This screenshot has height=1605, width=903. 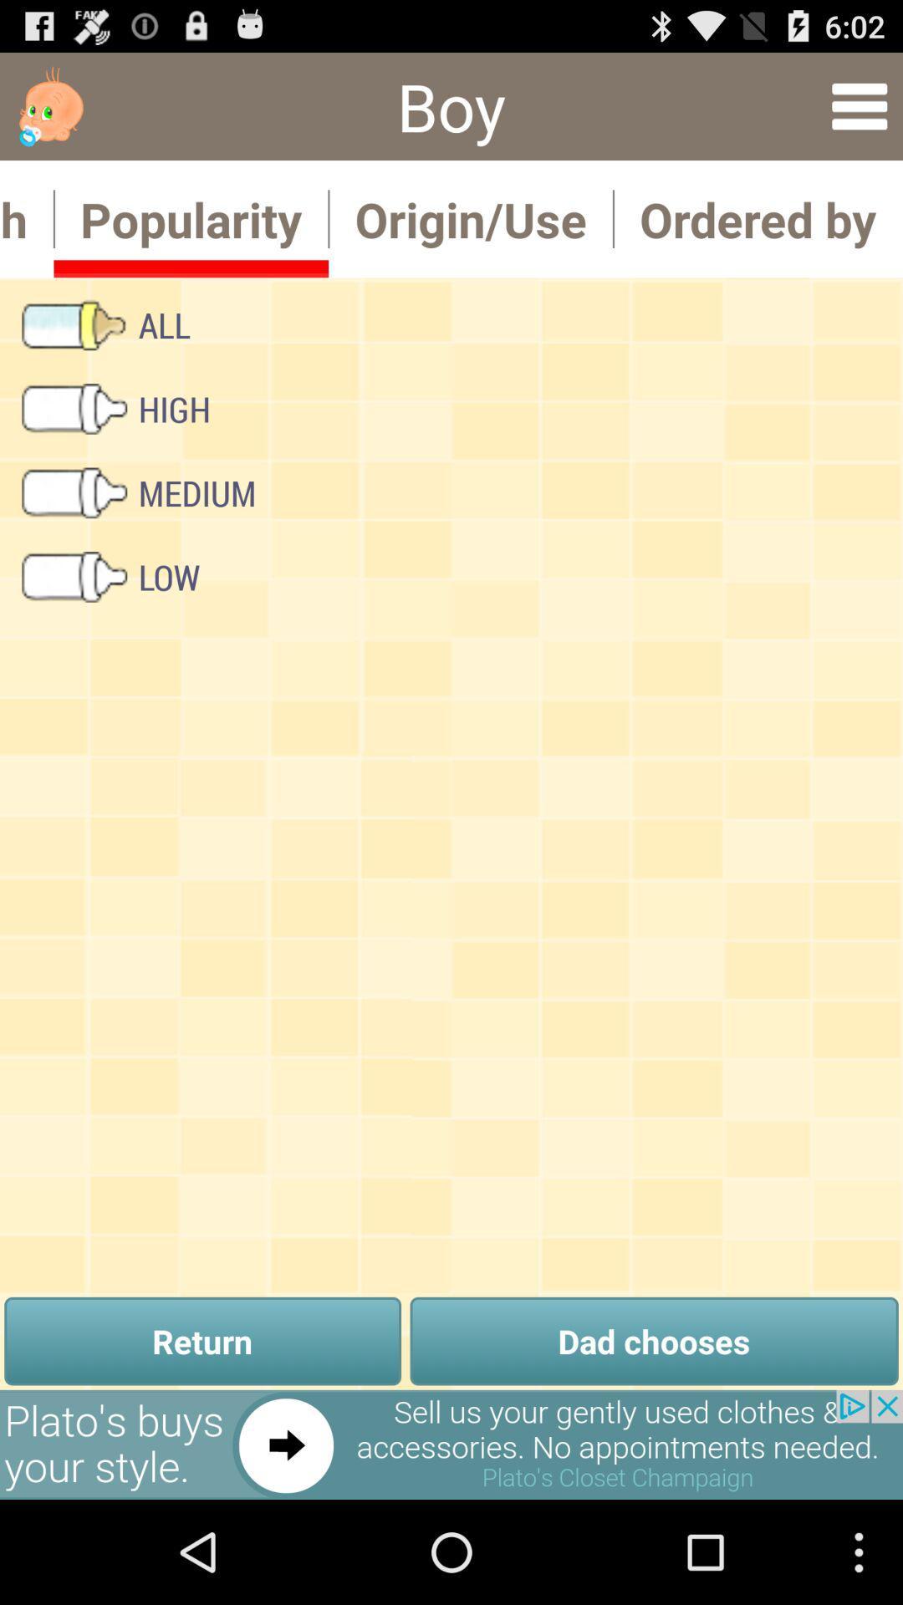 What do you see at coordinates (860, 113) in the screenshot?
I see `the menu icon` at bounding box center [860, 113].